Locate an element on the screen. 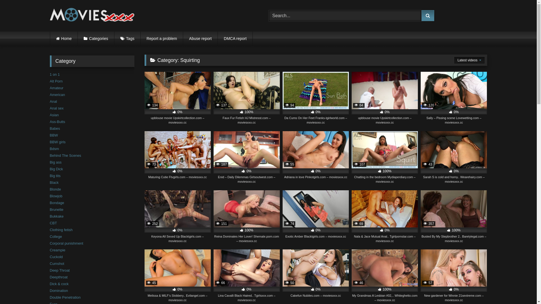  'Creampie' is located at coordinates (50, 250).